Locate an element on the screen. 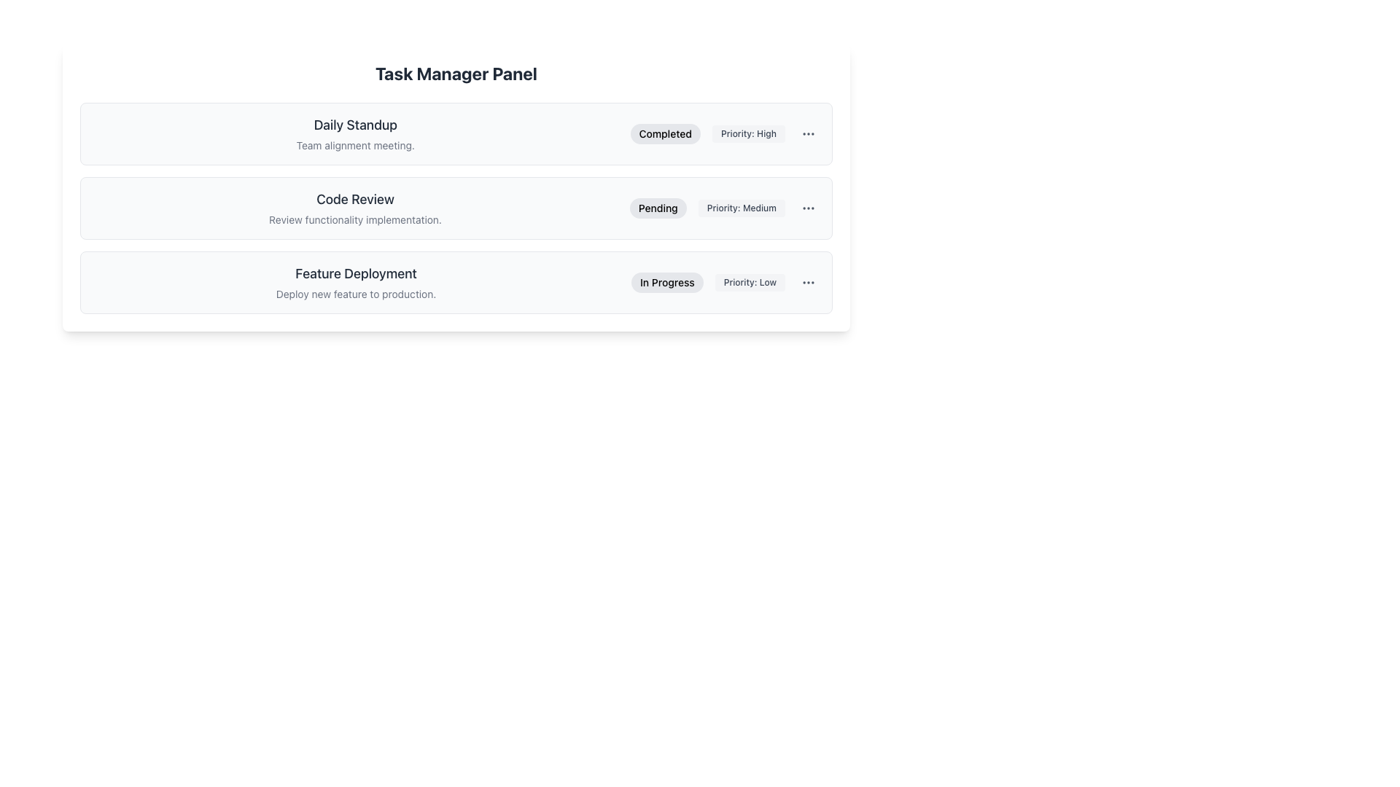 This screenshot has height=787, width=1400. the status information by clicking on the 'Completed' status indicator label, which is a medium-sized label with a light gray background and bold font, located in the first task block titled 'Daily Standup' is located at coordinates (664, 134).